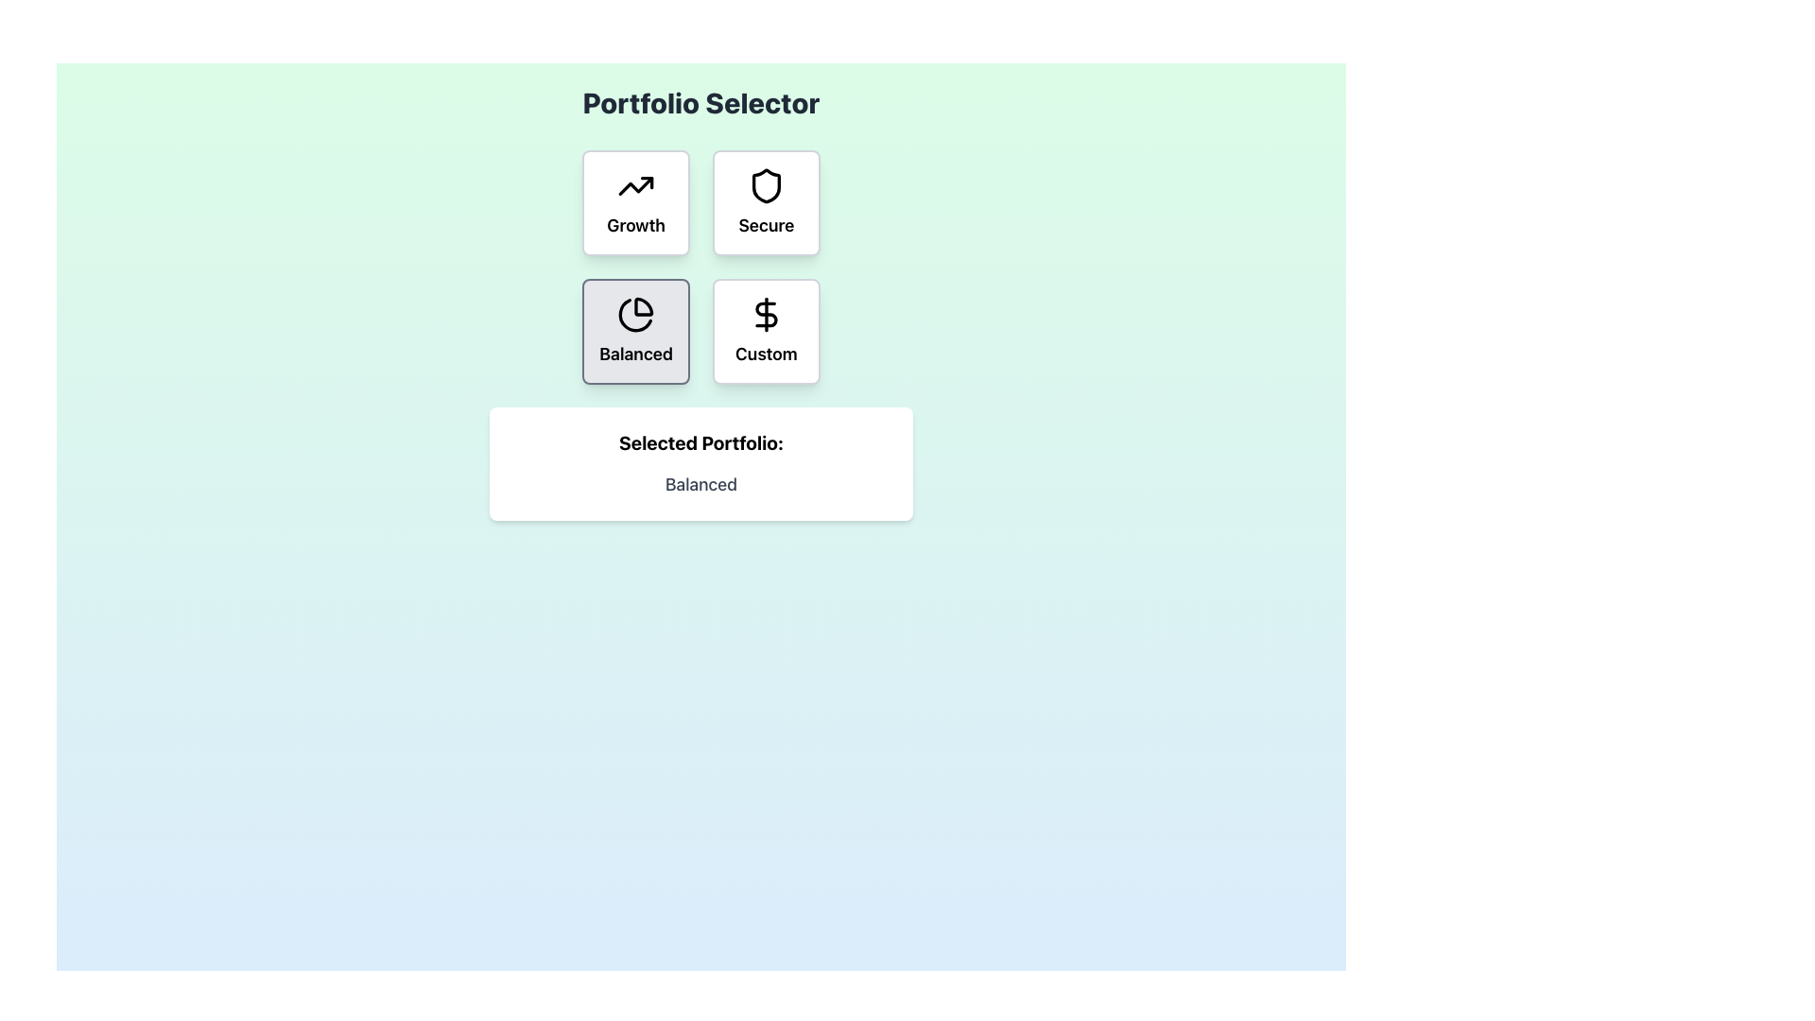  Describe the element at coordinates (636, 331) in the screenshot. I see `the 'Balanced' portfolio button located in the lower-left quadrant of a 2x2 grid layout, which is the third button in the grid, directly below the 'Growth' button and to the left of the 'Custom' button` at that location.